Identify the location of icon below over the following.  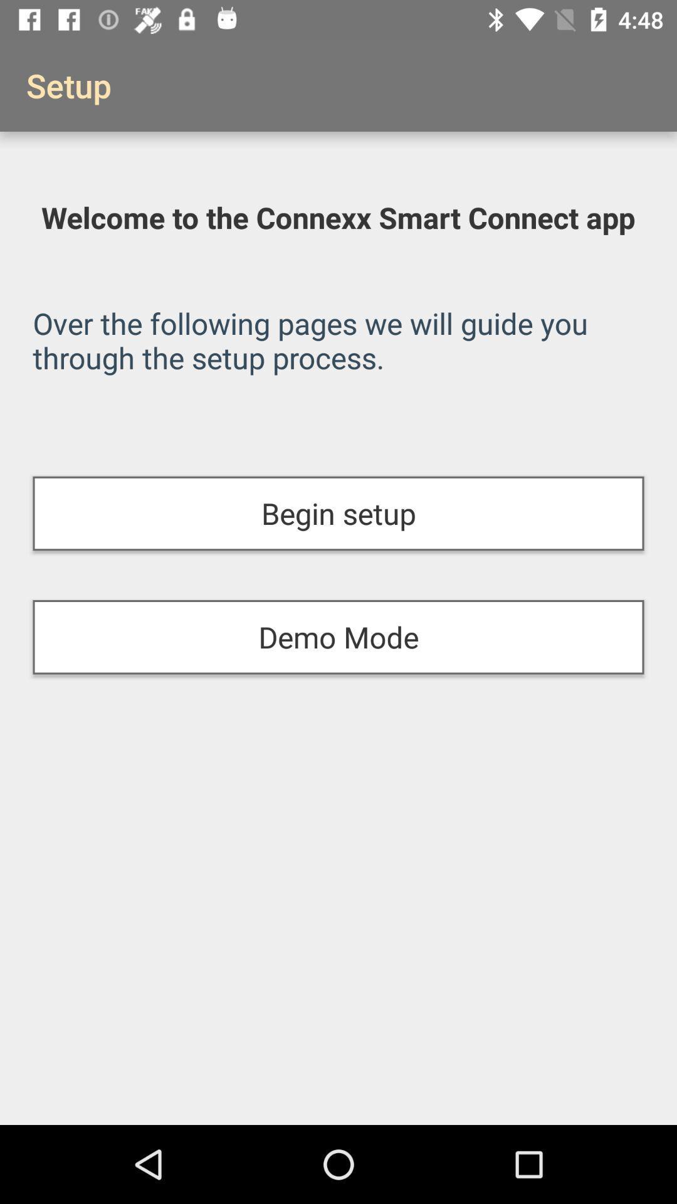
(338, 514).